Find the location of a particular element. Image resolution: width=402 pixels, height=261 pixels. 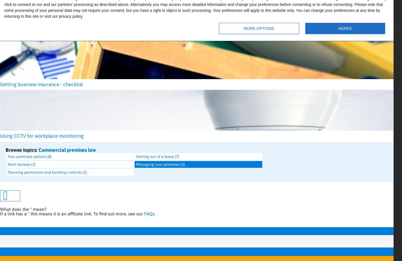

'Getting business insurance - checklist' is located at coordinates (41, 84).